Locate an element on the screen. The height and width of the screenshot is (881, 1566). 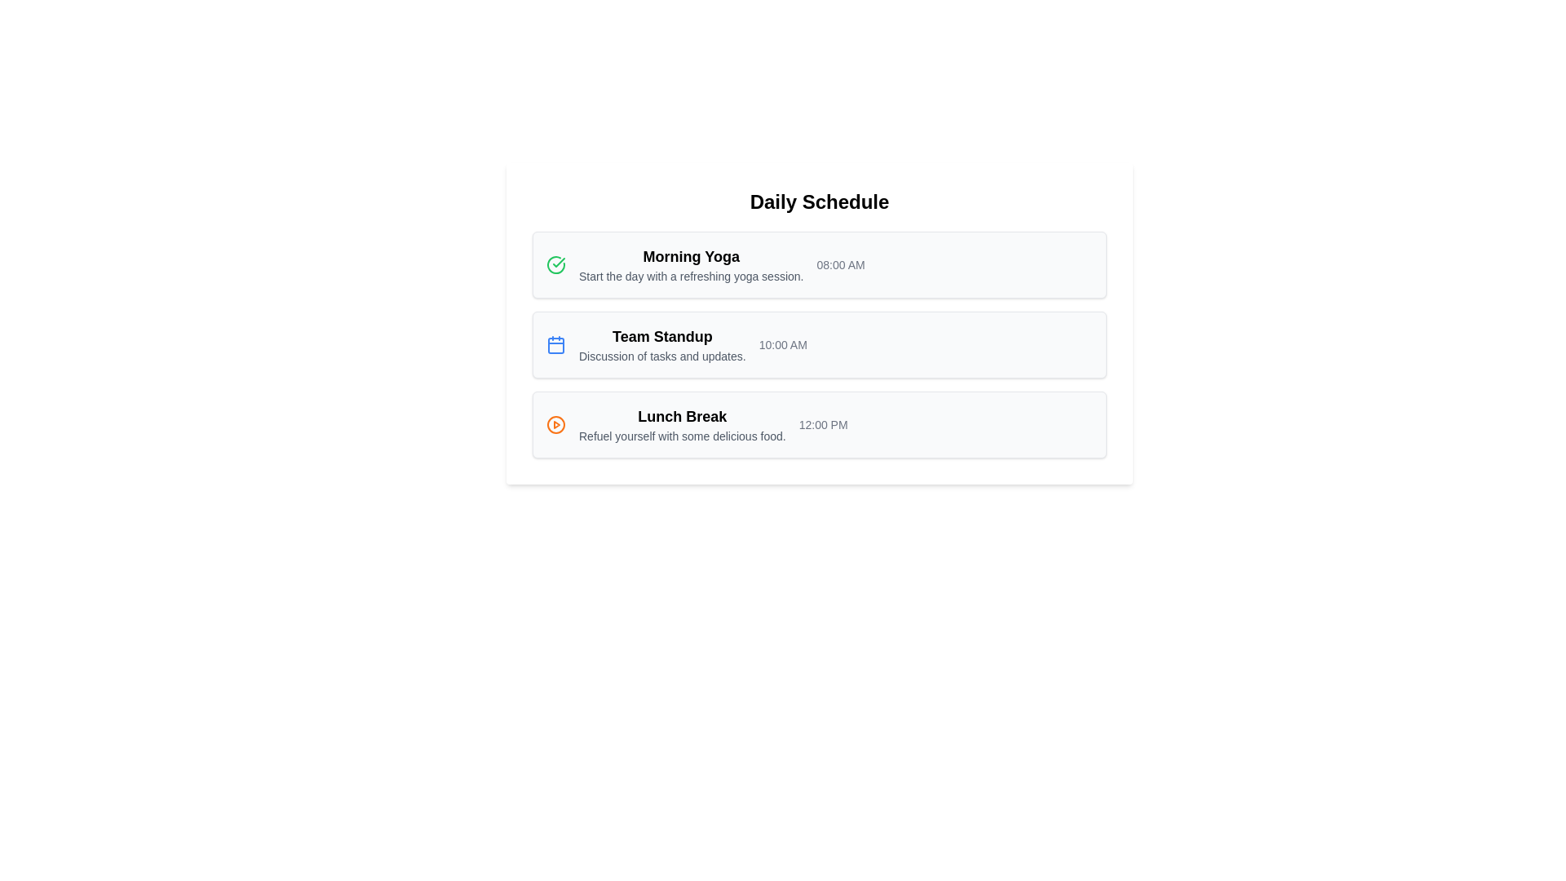
the green checkmark icon located within the first card of the daily schedule, to the left of the text 'Morning Yoga' is located at coordinates (559, 261).